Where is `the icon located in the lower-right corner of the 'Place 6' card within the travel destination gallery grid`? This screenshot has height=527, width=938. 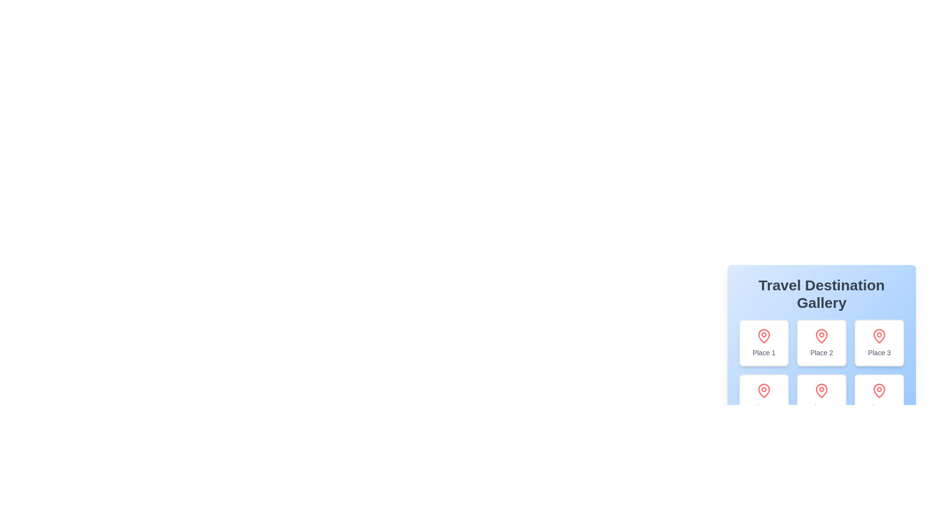 the icon located in the lower-right corner of the 'Place 6' card within the travel destination gallery grid is located at coordinates (879, 390).